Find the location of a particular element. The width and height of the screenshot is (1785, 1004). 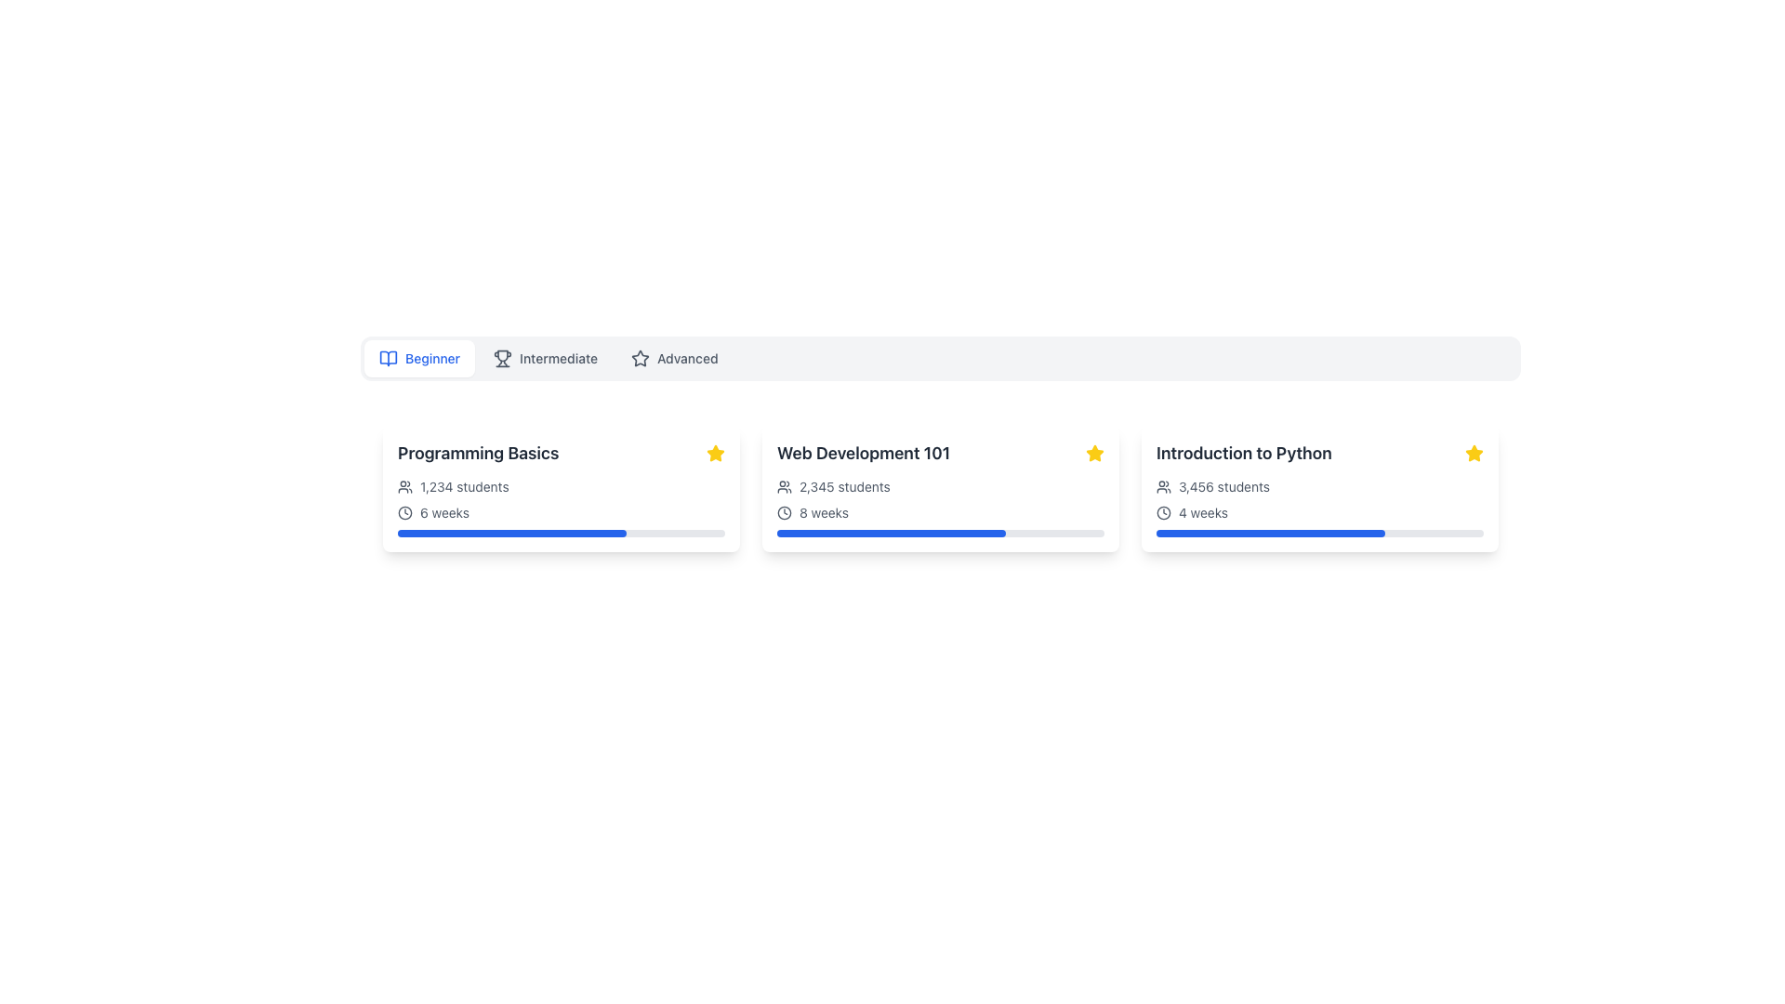

the icon representing a group of two user silhouettes located to the left of the '1,234 students' label in the course 'Programming Basics' card is located at coordinates (404, 486).